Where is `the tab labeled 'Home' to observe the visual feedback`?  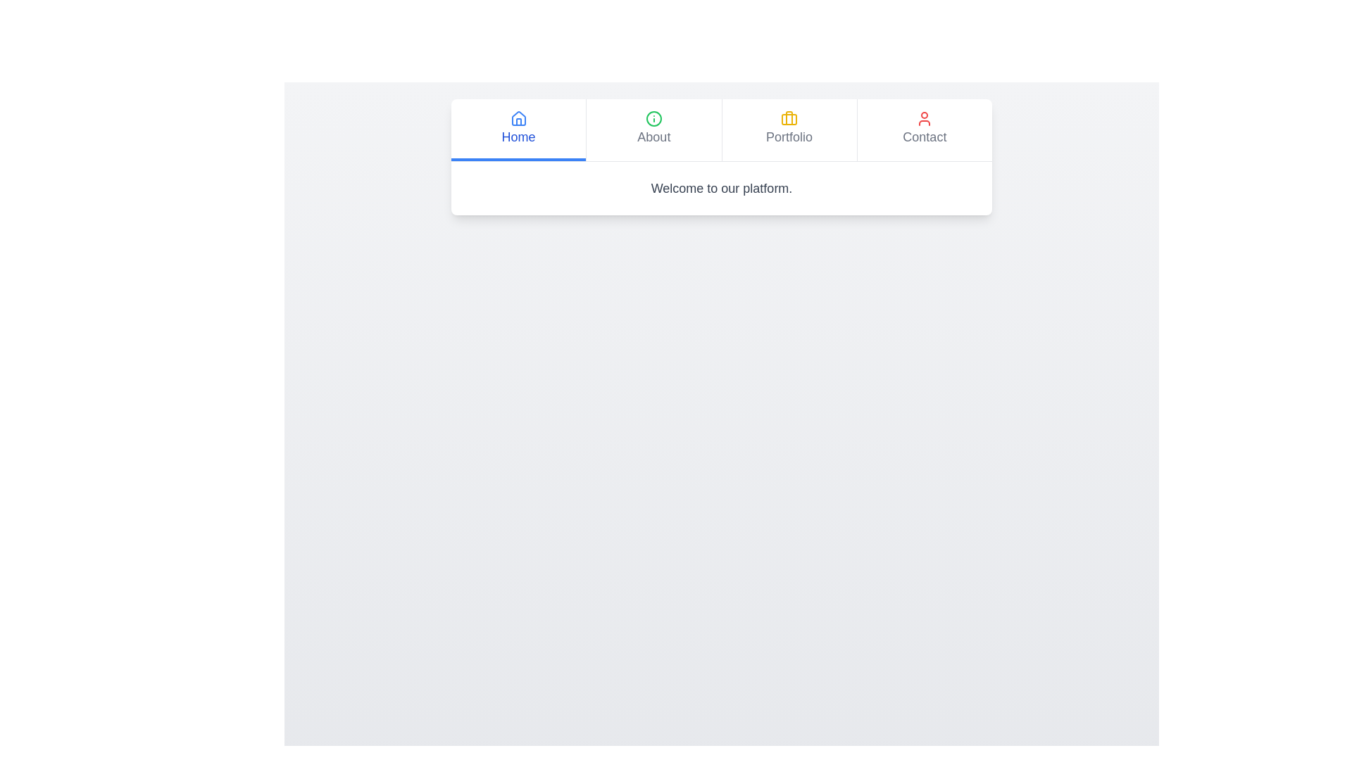
the tab labeled 'Home' to observe the visual feedback is located at coordinates (518, 130).